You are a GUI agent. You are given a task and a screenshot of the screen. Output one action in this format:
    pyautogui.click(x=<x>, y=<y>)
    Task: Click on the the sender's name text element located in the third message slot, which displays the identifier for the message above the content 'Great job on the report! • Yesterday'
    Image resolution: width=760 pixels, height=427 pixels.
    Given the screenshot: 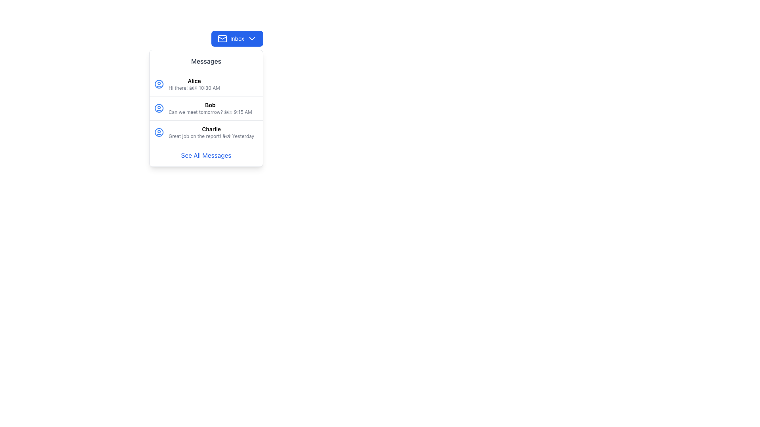 What is the action you would take?
    pyautogui.click(x=211, y=129)
    